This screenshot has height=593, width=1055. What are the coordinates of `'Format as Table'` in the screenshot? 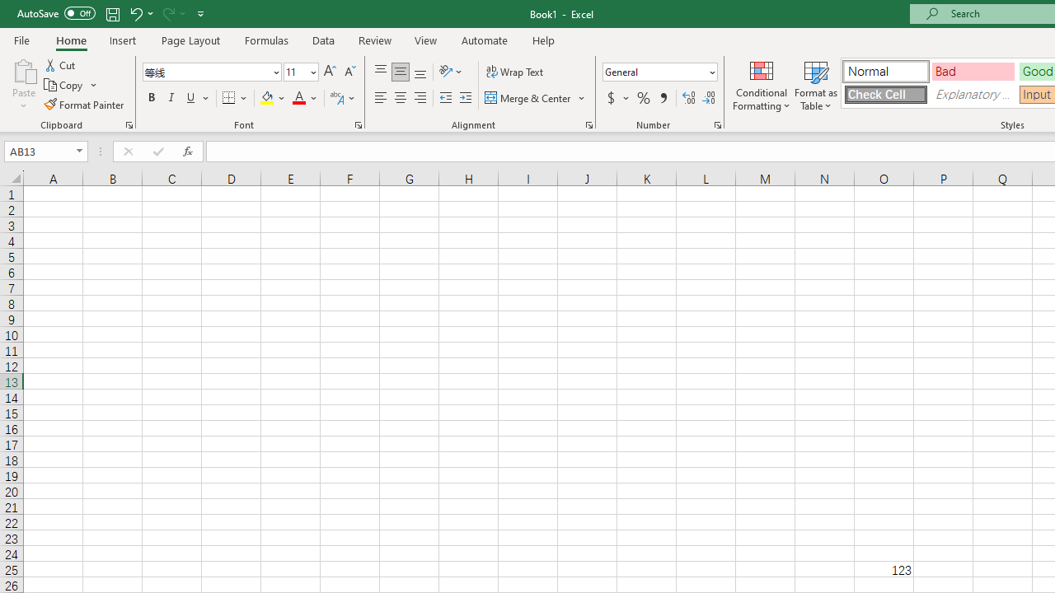 It's located at (816, 85).